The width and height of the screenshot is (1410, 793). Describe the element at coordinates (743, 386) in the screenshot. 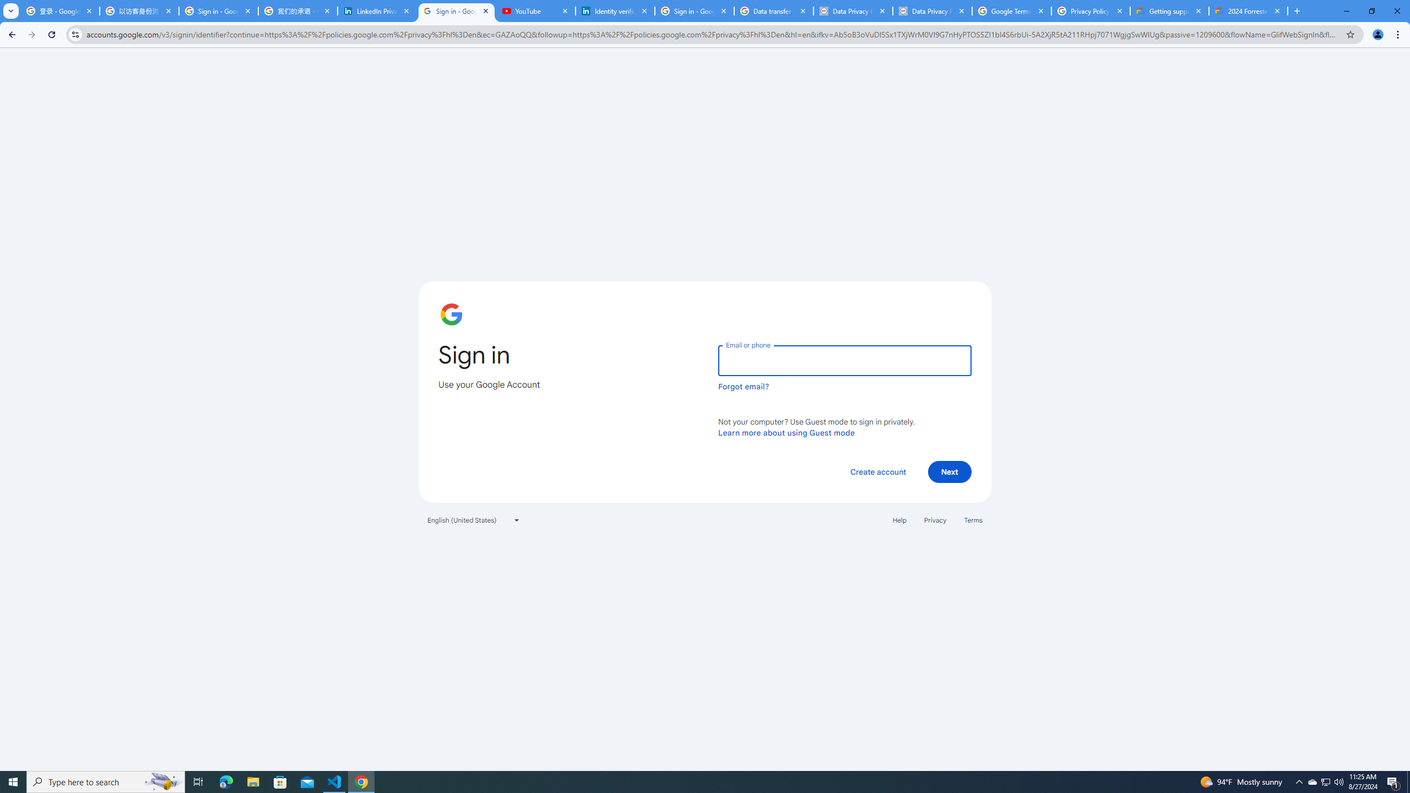

I see `'Forgot email?'` at that location.